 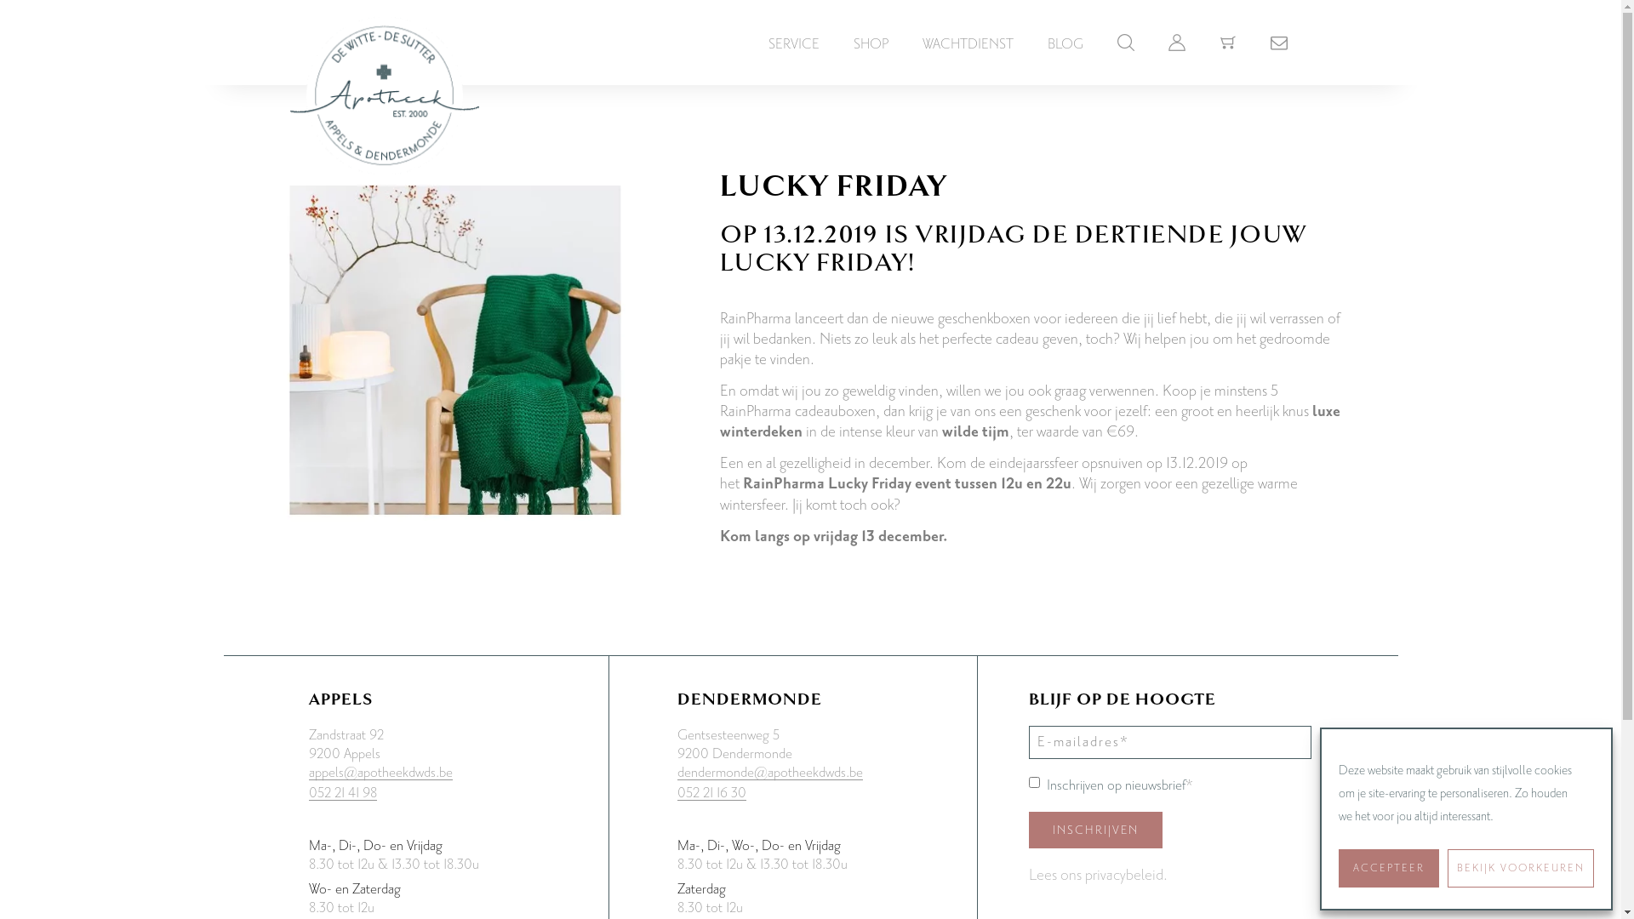 What do you see at coordinates (1124, 38) in the screenshot?
I see `'ZOEKEN'` at bounding box center [1124, 38].